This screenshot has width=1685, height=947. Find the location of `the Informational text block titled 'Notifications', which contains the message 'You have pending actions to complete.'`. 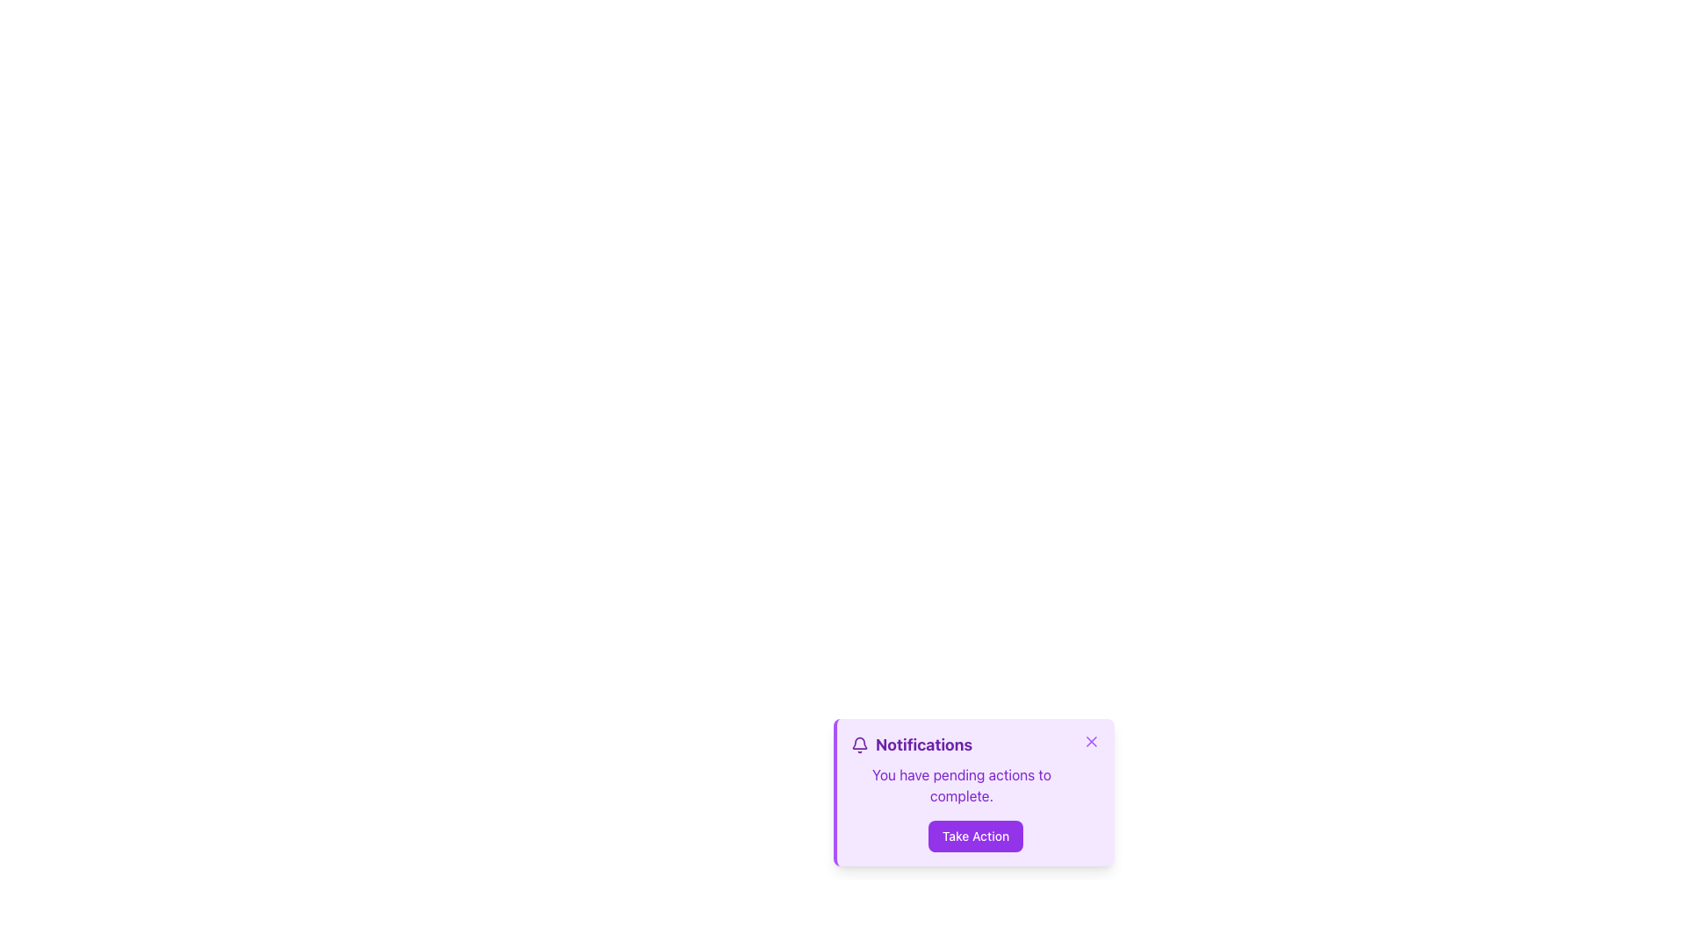

the Informational text block titled 'Notifications', which contains the message 'You have pending actions to complete.' is located at coordinates (966, 769).